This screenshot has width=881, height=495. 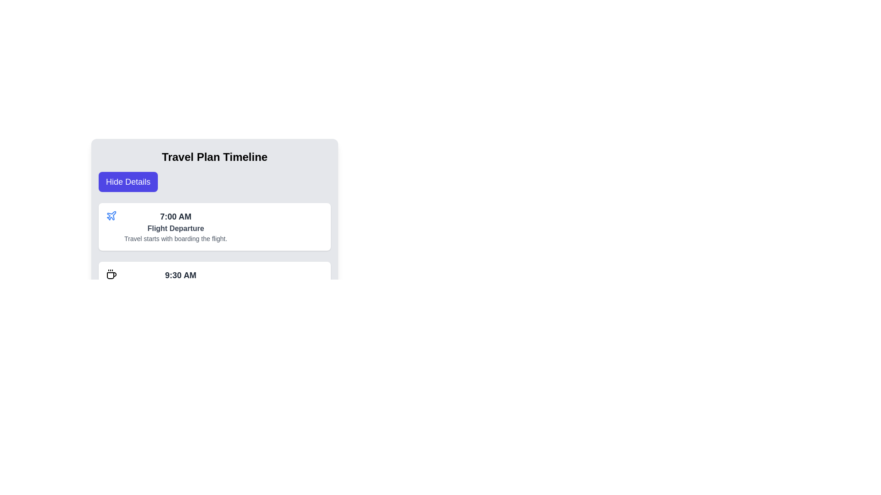 What do you see at coordinates (180, 285) in the screenshot?
I see `the Timeline card entry that displays '9:30 AM', 'Breakfast', and 'Enjoy a luxurious breakfast in the skies.'` at bounding box center [180, 285].